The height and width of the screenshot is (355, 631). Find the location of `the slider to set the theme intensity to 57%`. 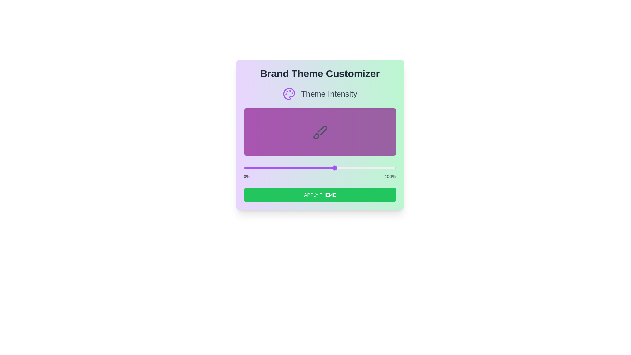

the slider to set the theme intensity to 57% is located at coordinates (330, 167).